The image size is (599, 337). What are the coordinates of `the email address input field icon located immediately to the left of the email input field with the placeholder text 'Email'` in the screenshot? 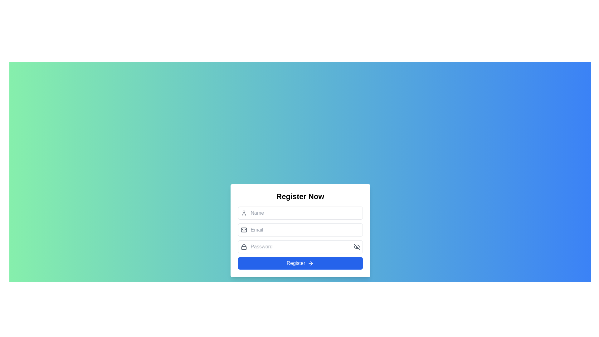 It's located at (243, 230).